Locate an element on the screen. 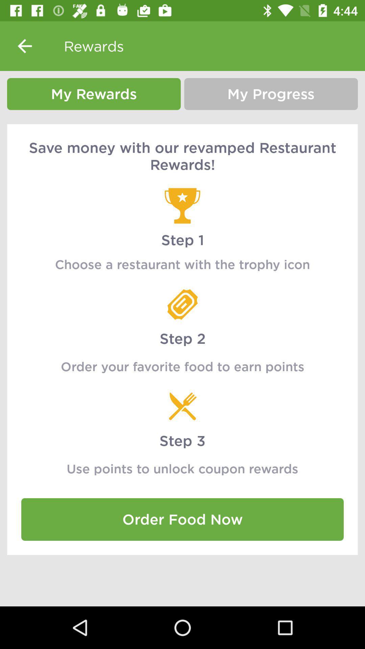 The height and width of the screenshot is (649, 365). my progress at the top right corner is located at coordinates (271, 94).